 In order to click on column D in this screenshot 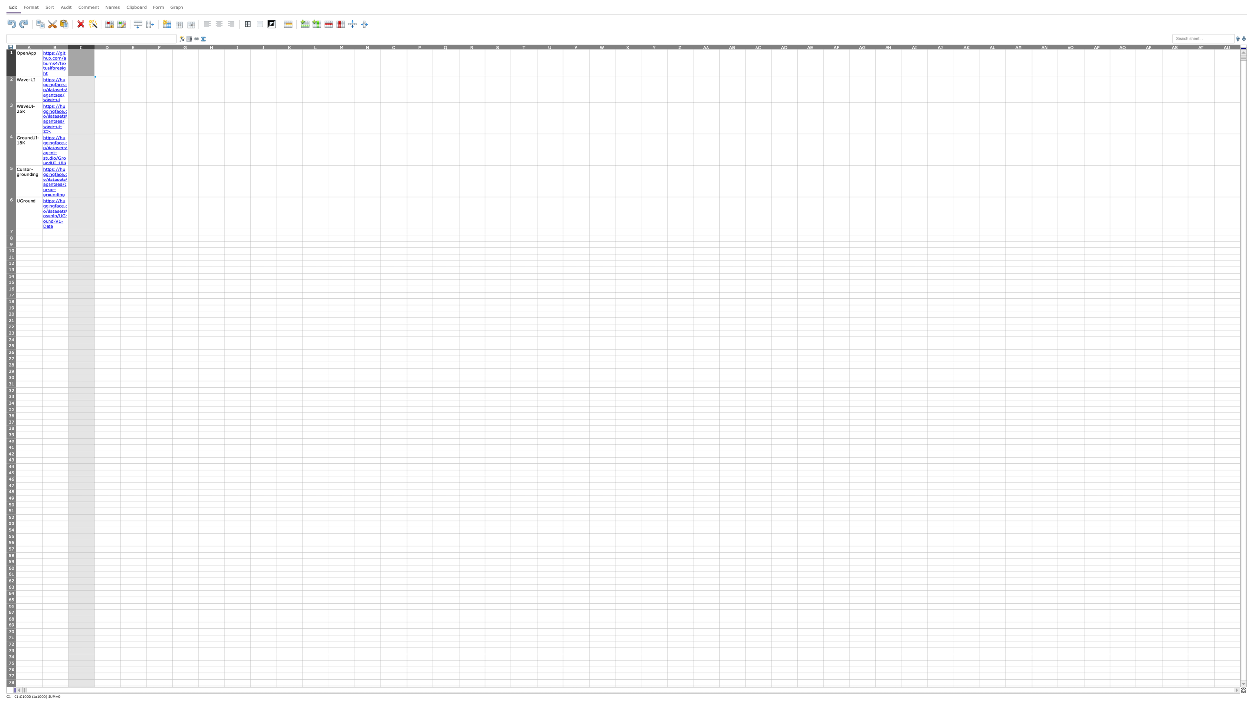, I will do `click(107, 46)`.